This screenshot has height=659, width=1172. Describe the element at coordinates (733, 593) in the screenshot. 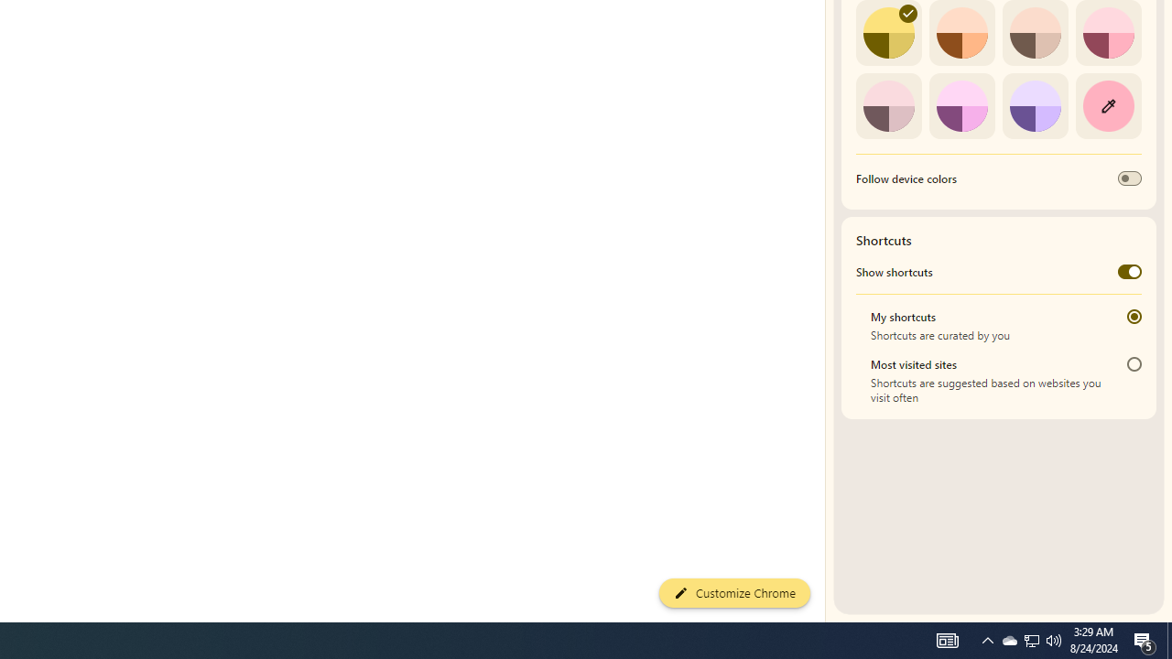

I see `'Customize Chrome'` at that location.